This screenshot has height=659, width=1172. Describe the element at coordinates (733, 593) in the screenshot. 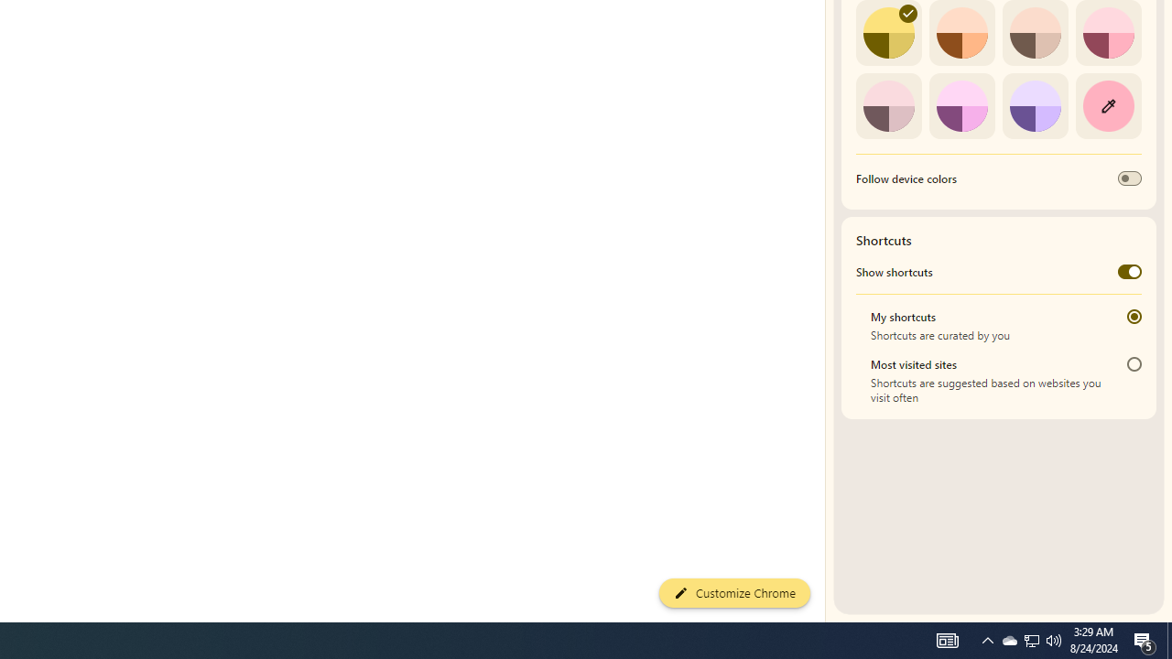

I see `'Customize Chrome'` at that location.